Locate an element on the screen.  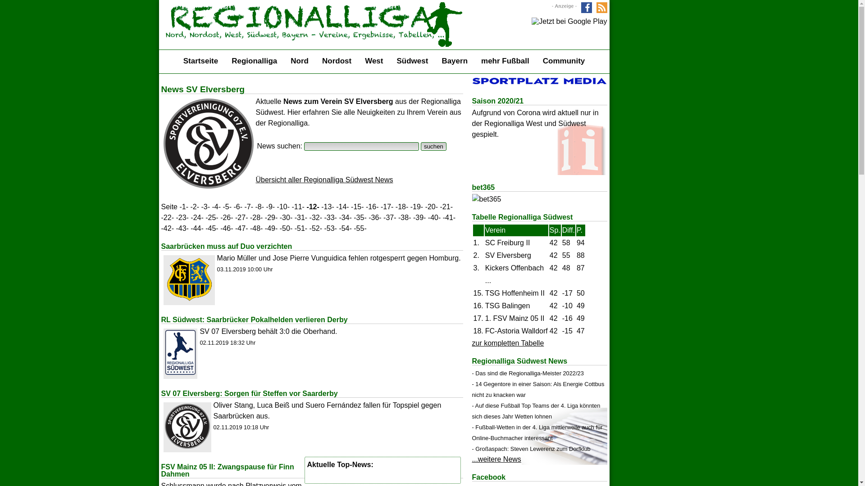
'-8-' is located at coordinates (259, 207).